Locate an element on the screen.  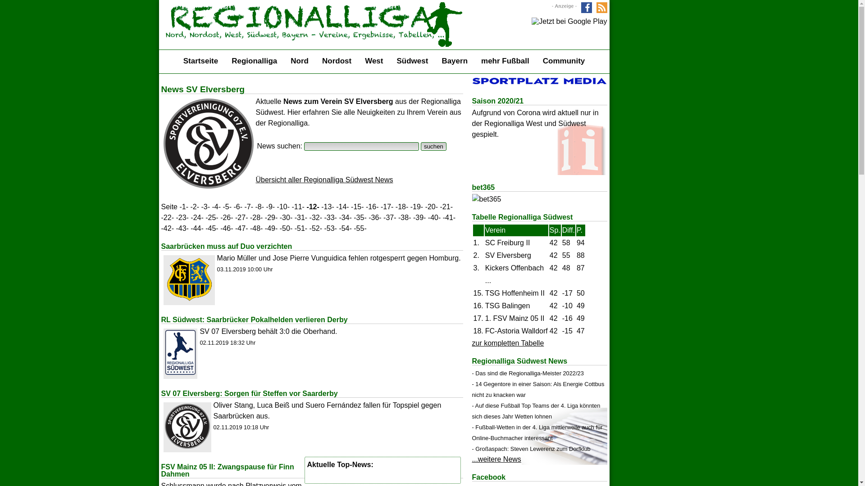
'-8-' is located at coordinates (259, 207).